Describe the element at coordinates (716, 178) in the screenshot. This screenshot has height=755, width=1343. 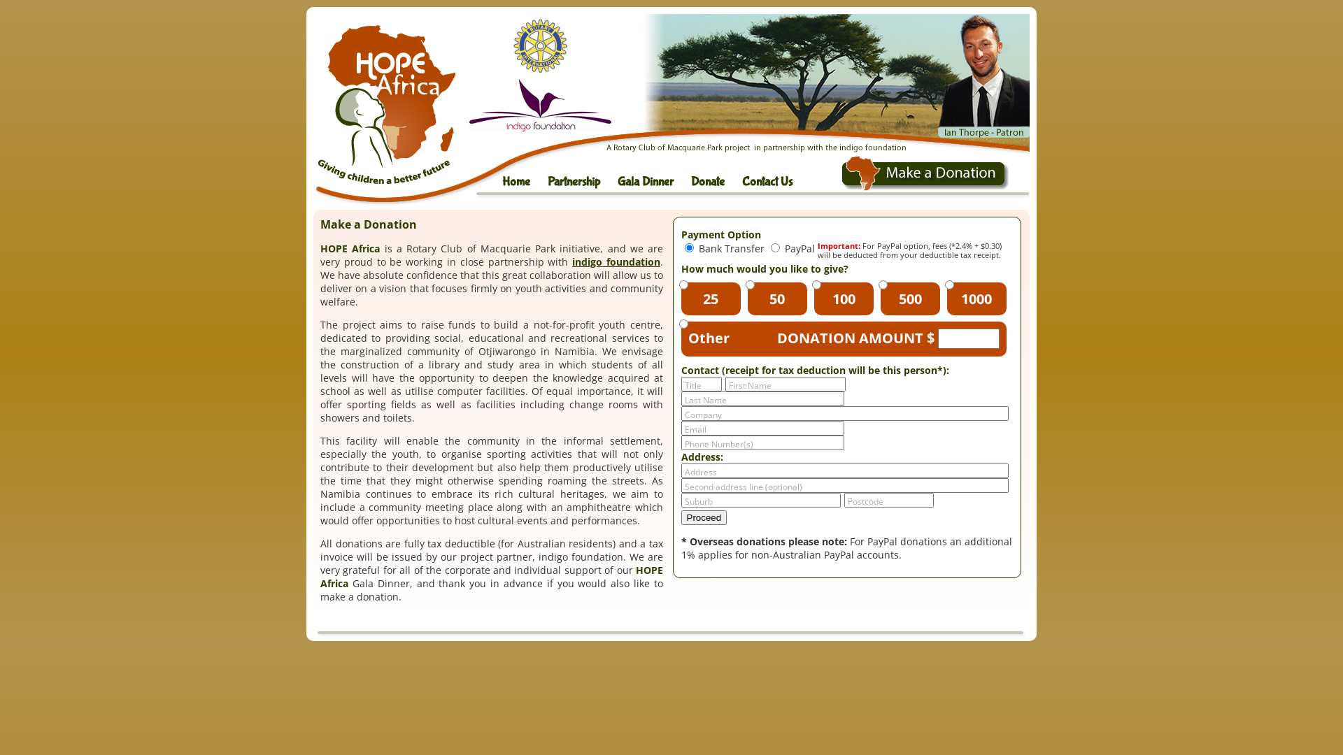
I see `'Donate'` at that location.